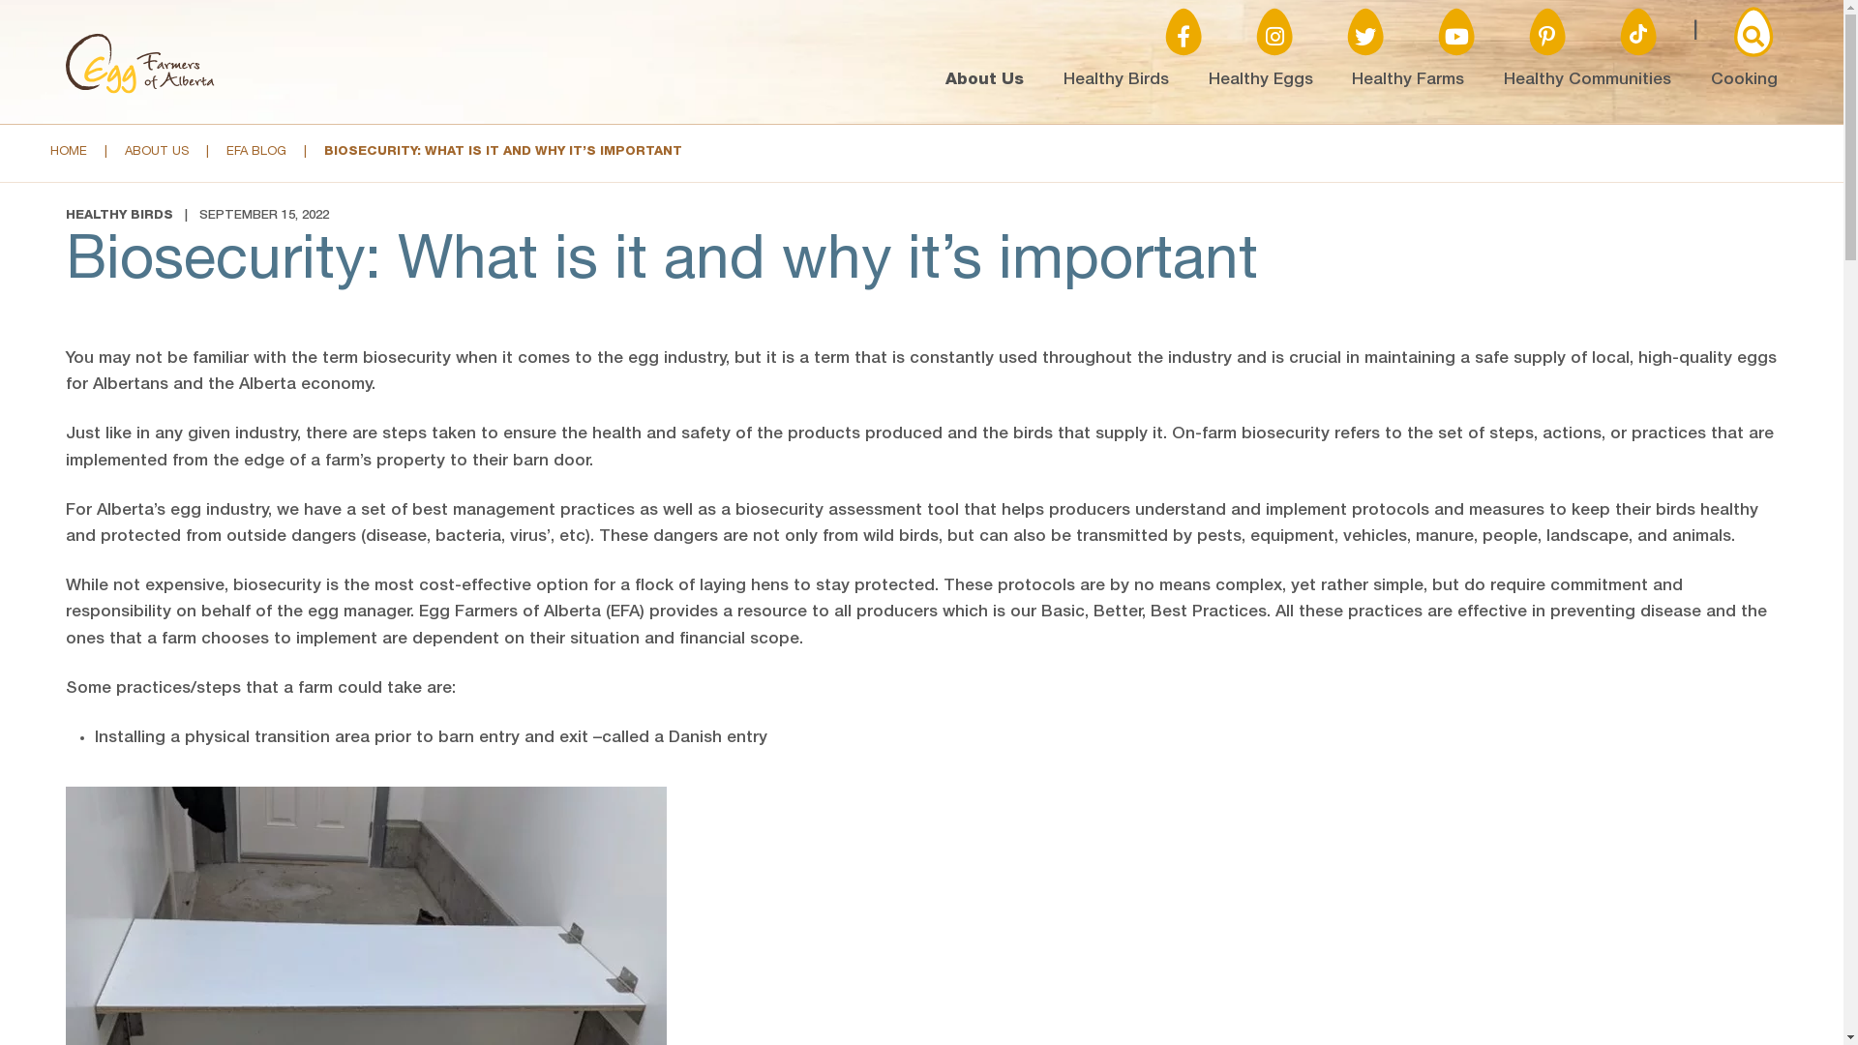  Describe the element at coordinates (255, 151) in the screenshot. I see `'EFA BLOG'` at that location.